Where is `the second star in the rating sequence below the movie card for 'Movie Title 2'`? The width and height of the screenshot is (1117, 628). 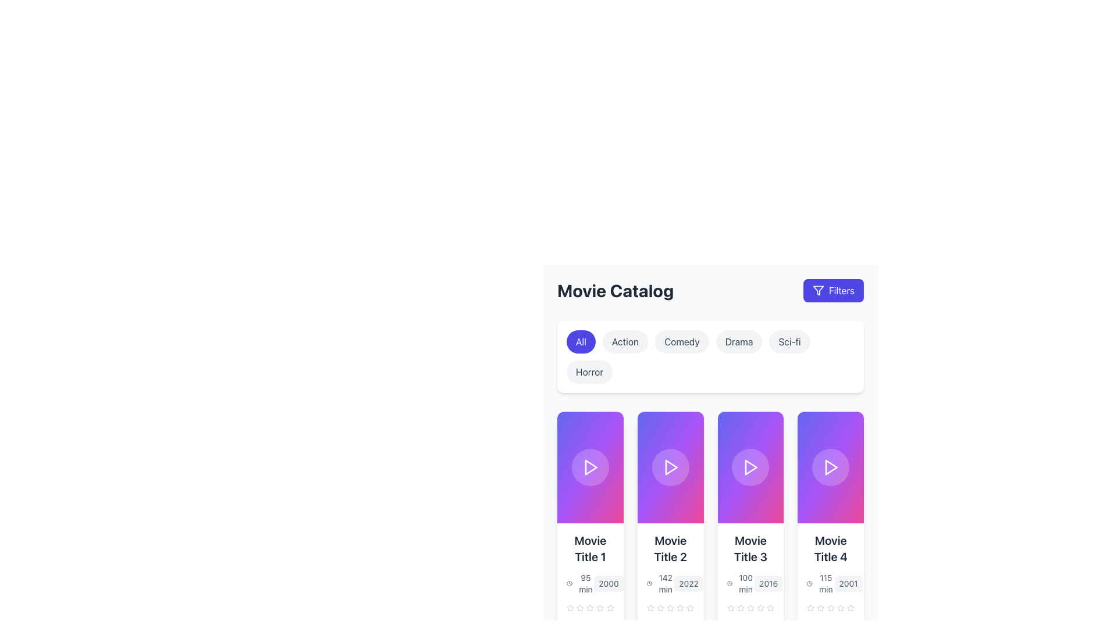 the second star in the rating sequence below the movie card for 'Movie Title 2' is located at coordinates (670, 607).